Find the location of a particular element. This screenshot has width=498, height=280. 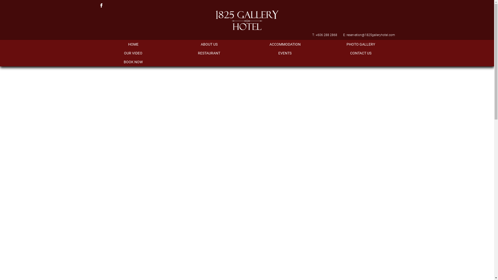

'+606 288 2868' is located at coordinates (326, 35).